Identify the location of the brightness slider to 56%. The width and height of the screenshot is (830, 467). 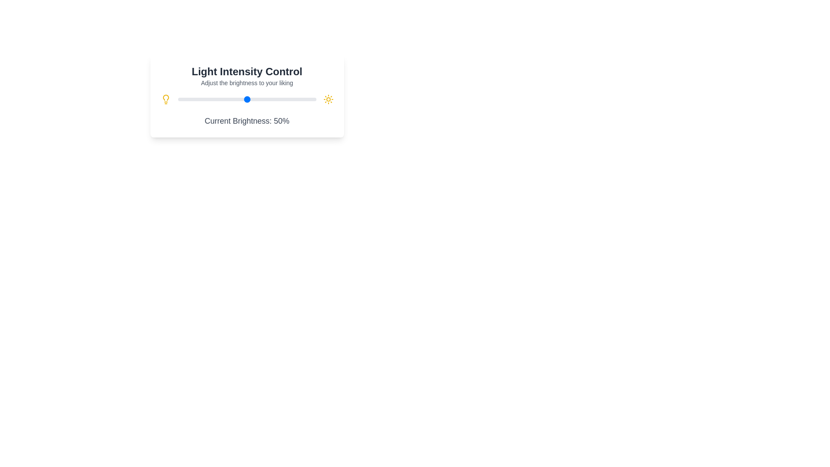
(255, 99).